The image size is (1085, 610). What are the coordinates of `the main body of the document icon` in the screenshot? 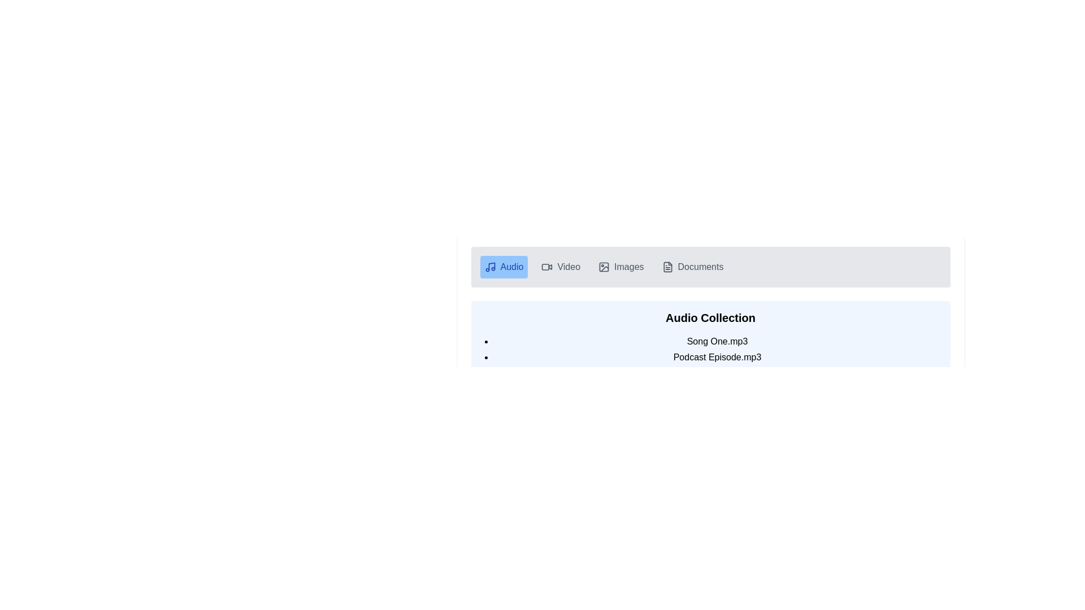 It's located at (667, 267).